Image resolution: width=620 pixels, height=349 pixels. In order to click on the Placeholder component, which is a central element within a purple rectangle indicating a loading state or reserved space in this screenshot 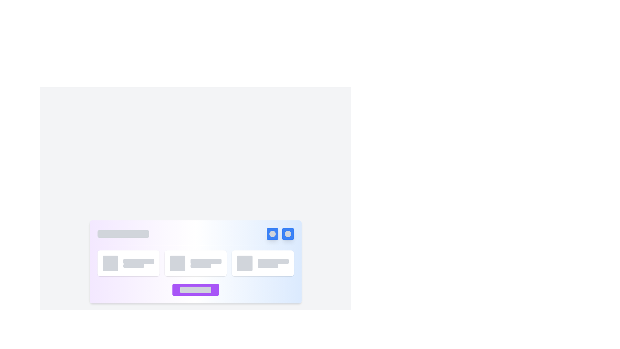, I will do `click(195, 289)`.